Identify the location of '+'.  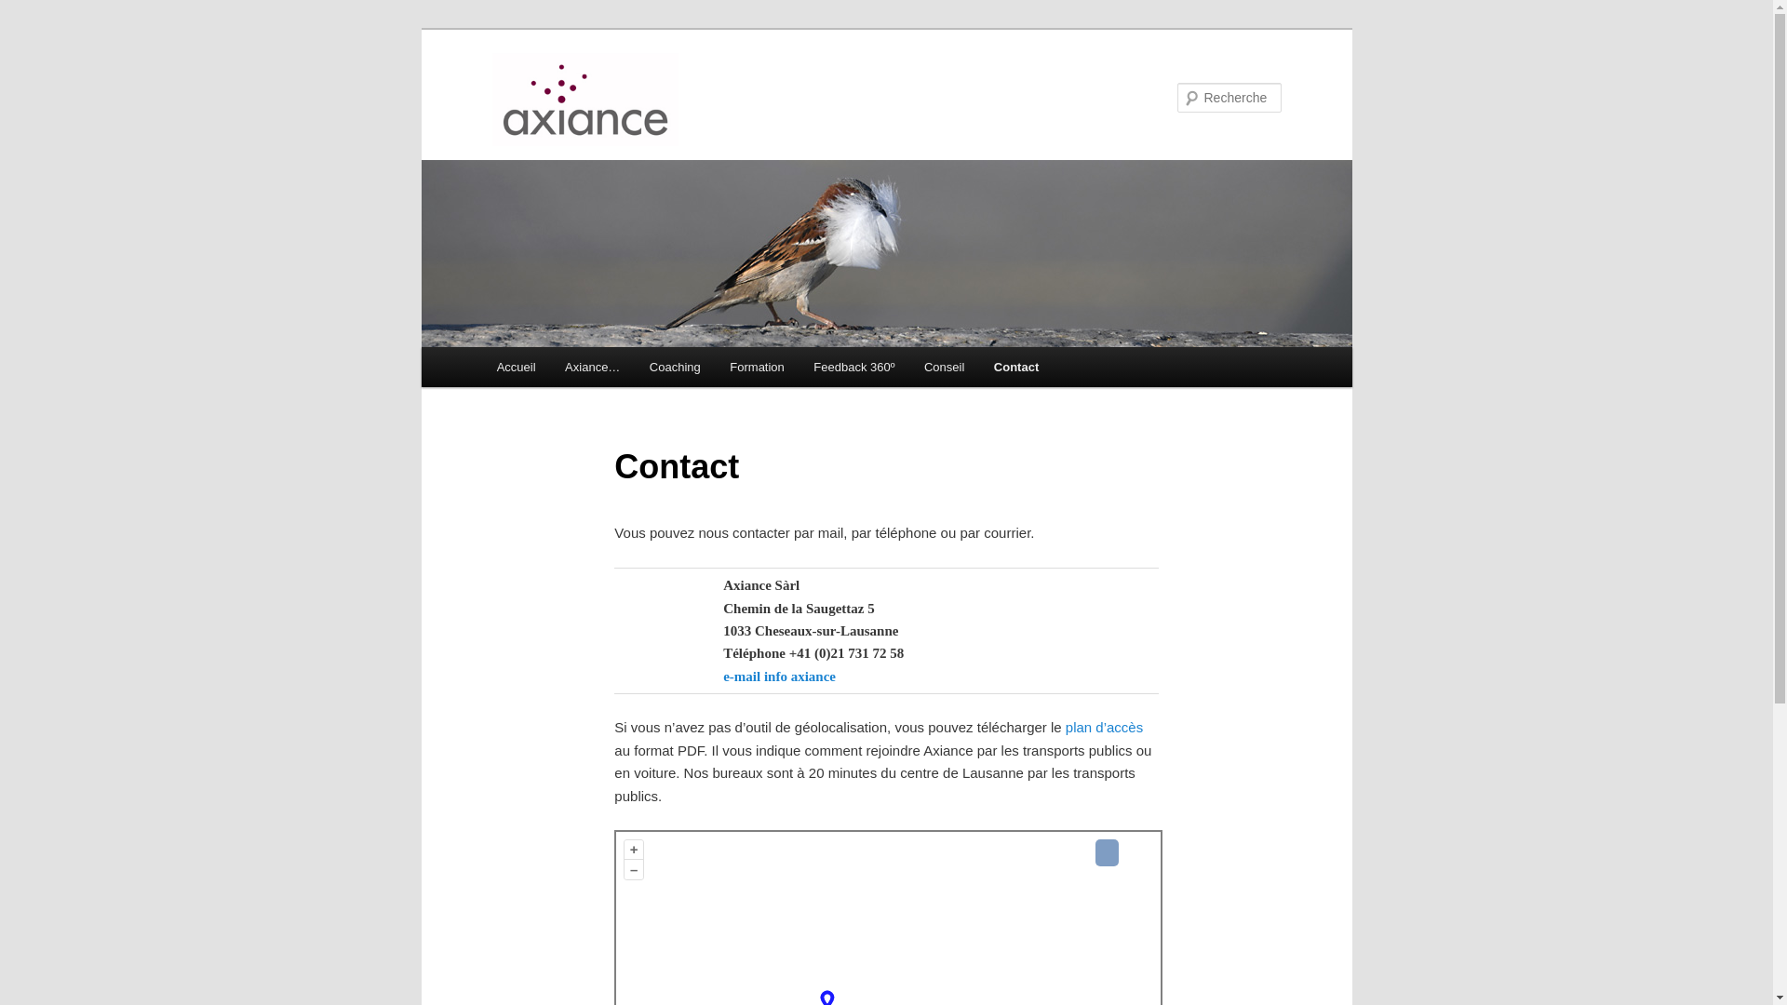
(634, 850).